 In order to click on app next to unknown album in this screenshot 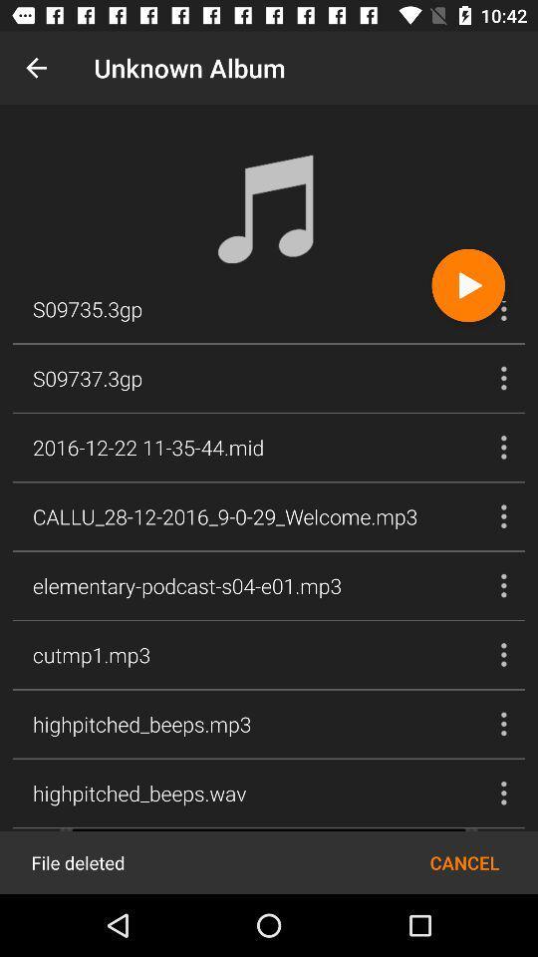, I will do `click(36, 68)`.